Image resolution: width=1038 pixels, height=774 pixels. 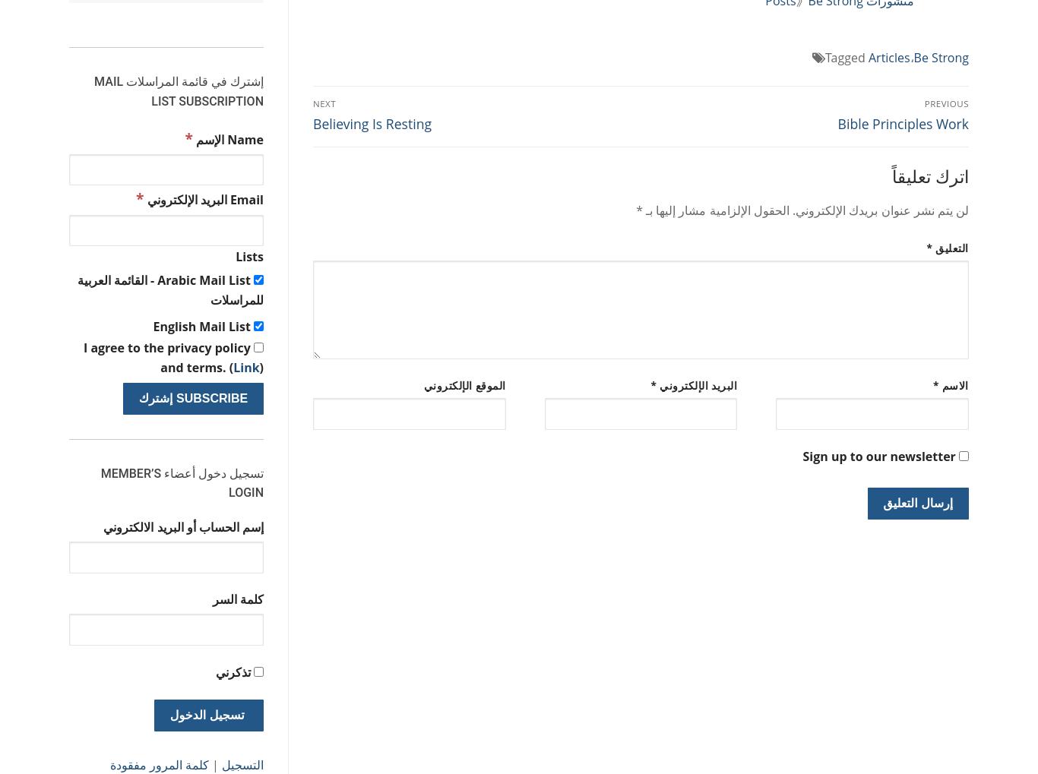 I want to click on 'تسجيل دخول أعضاء Member’s Login', so click(x=99, y=482).